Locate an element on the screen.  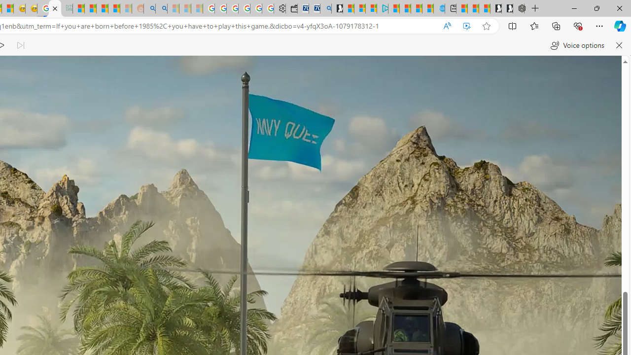
'Voice options' is located at coordinates (577, 45).